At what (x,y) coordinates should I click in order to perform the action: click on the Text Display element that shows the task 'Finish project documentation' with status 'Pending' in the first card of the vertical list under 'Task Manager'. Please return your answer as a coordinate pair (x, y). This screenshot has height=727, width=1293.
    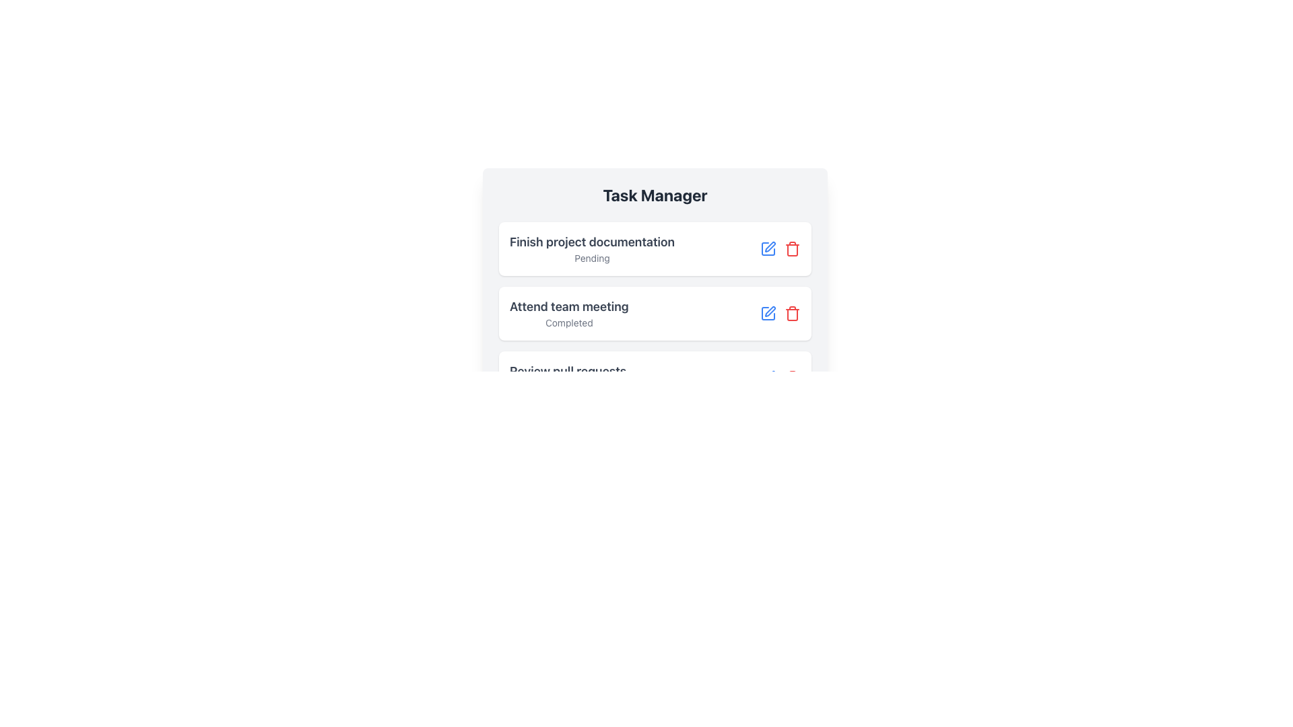
    Looking at the image, I should click on (592, 249).